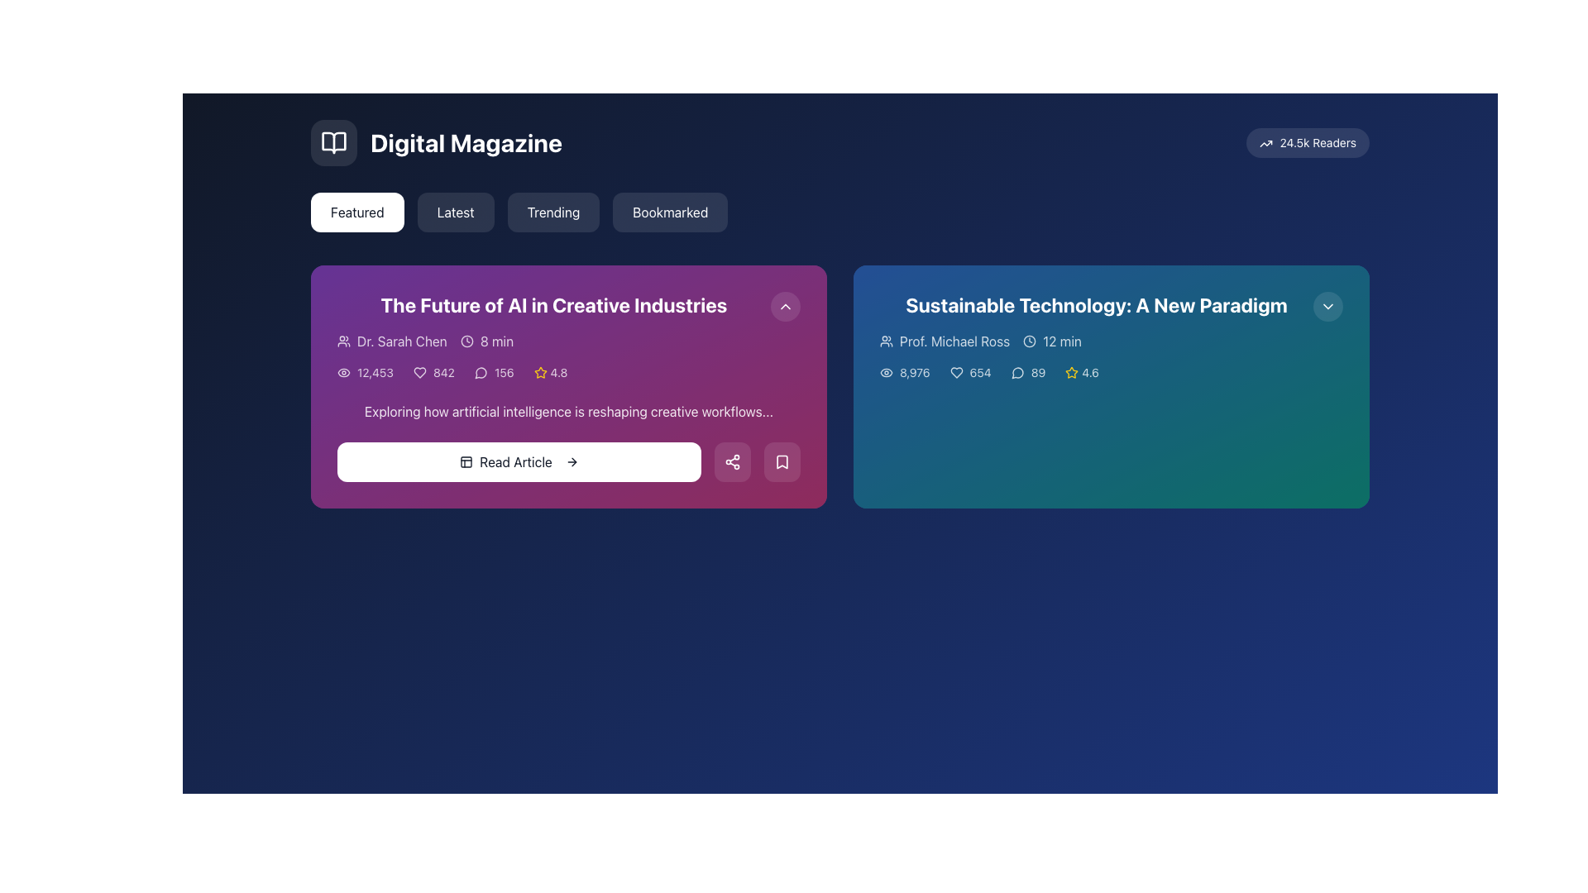 This screenshot has width=1588, height=893. Describe the element at coordinates (1112, 373) in the screenshot. I see `on the information display row containing statistics such as views, likes, comments, and average rating with a yellow star, located in the bottom section of the card labeled 'Sustainable Technology: A New Paradigm'` at that location.